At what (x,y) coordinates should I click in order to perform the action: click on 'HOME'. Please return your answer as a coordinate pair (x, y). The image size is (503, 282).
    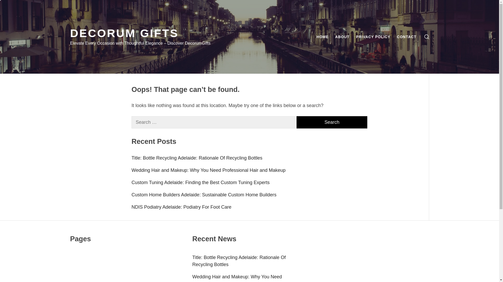
    Looking at the image, I should click on (322, 37).